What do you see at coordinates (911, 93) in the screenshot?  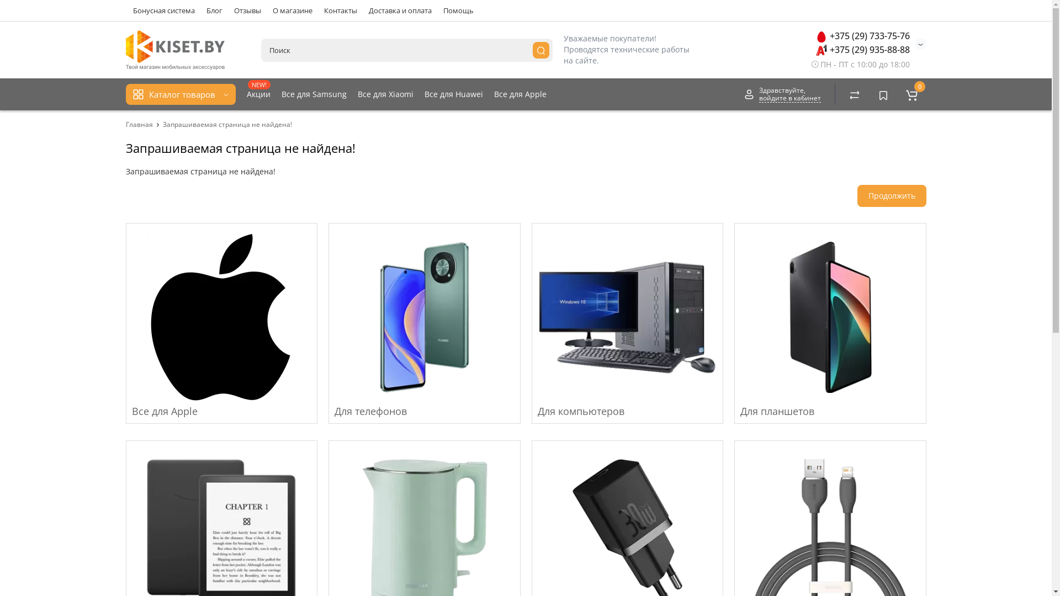 I see `'0'` at bounding box center [911, 93].